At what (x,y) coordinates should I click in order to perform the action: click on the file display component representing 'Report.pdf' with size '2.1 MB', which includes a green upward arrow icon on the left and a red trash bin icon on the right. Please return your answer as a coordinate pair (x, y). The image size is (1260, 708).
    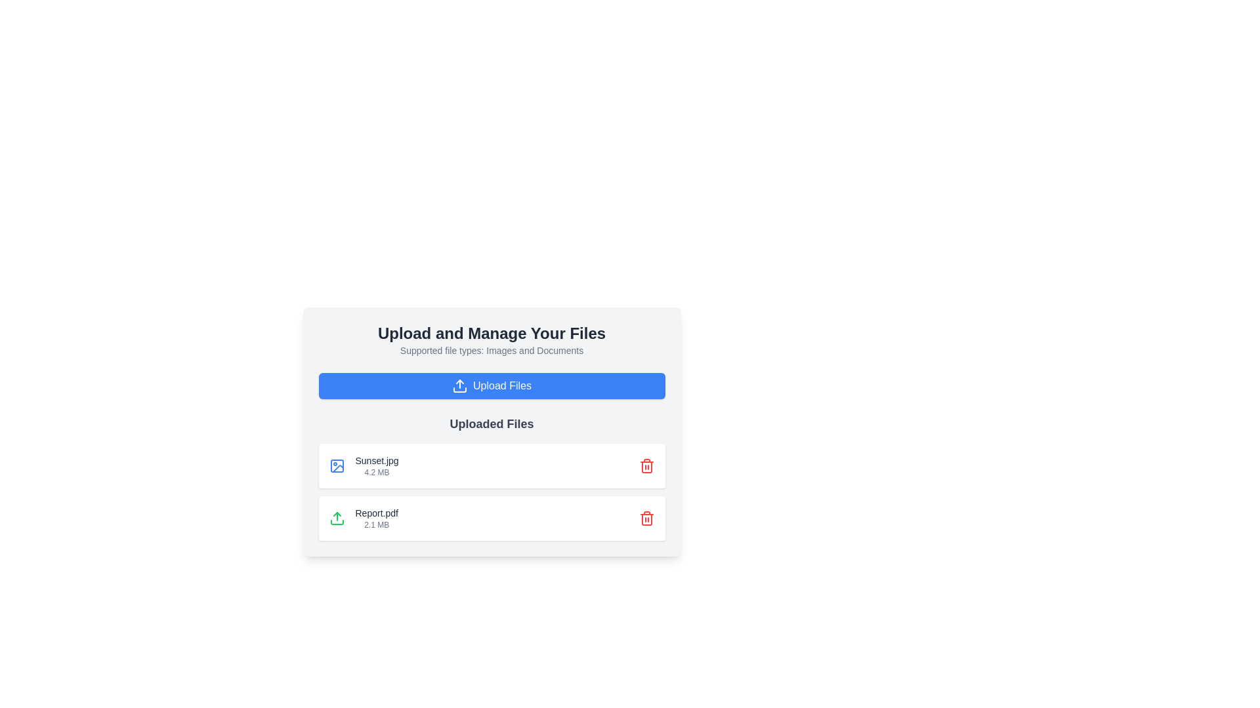
    Looking at the image, I should click on (491, 517).